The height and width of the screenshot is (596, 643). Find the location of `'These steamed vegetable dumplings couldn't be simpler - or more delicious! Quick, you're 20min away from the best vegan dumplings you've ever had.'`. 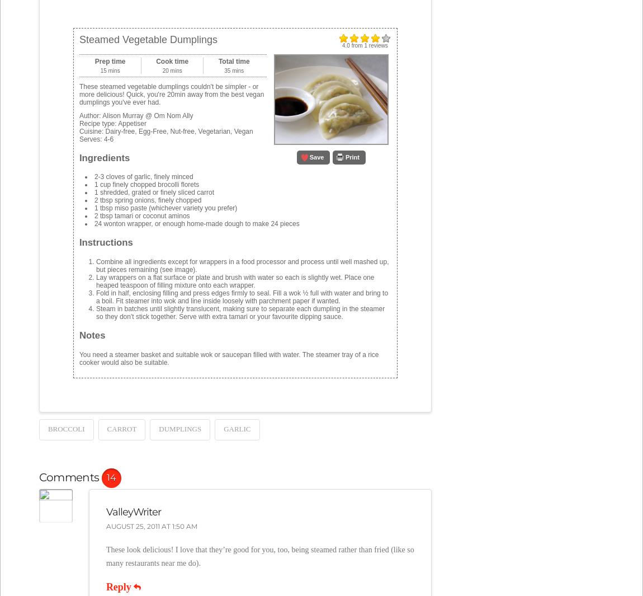

'These steamed vegetable dumplings couldn't be simpler - or more delicious! Quick, you're 20min away from the best vegan dumplings you've ever had.' is located at coordinates (78, 93).